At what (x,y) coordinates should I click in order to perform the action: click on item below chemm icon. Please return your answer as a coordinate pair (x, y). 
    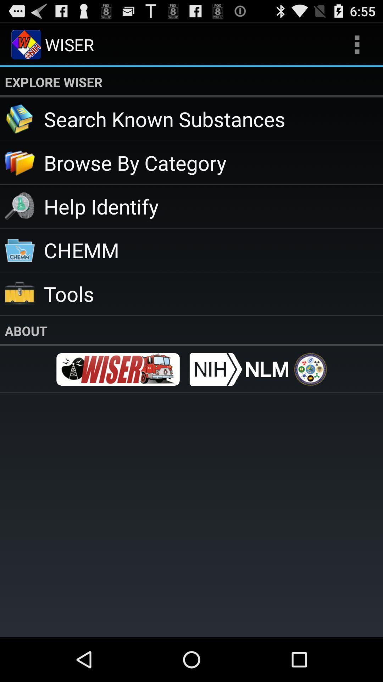
    Looking at the image, I should click on (213, 293).